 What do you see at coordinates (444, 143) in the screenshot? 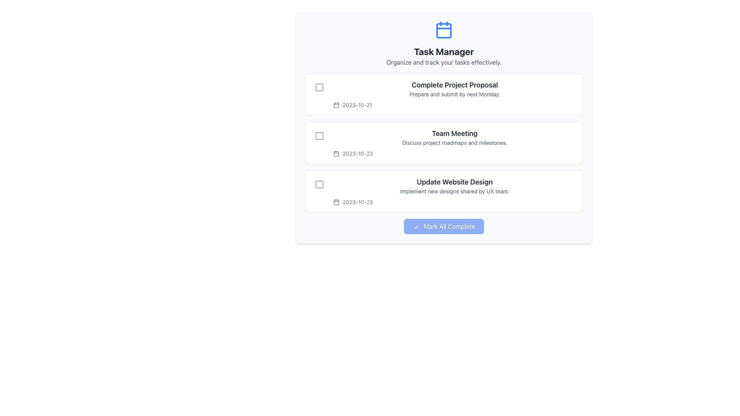
I see `the task list component in the 'Task Manager' section` at bounding box center [444, 143].